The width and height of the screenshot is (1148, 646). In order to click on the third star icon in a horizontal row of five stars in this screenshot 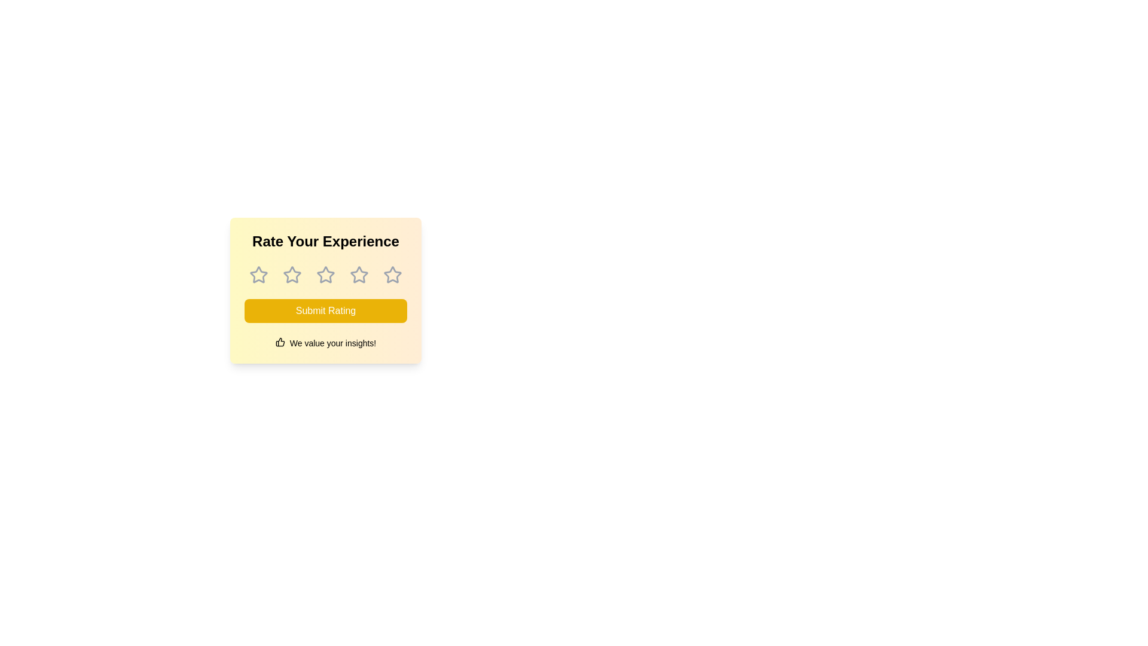, I will do `click(358, 275)`.